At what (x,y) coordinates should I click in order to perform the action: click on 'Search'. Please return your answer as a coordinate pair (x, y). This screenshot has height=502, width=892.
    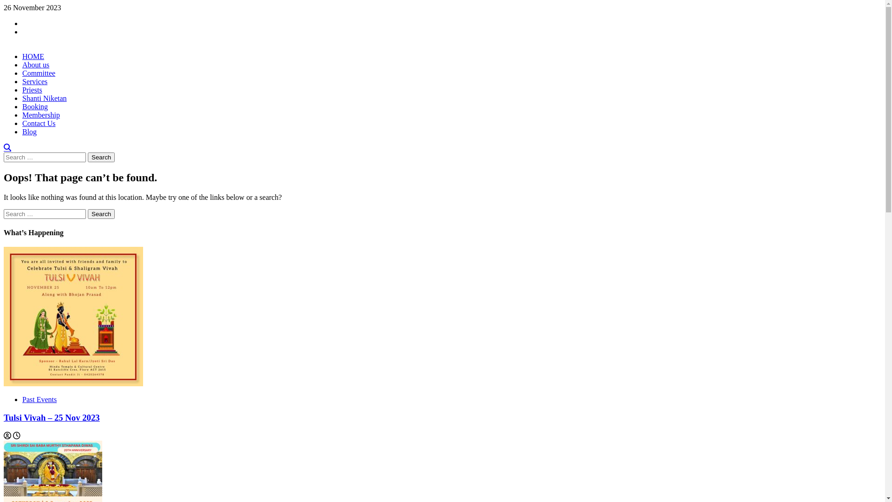
    Looking at the image, I should click on (7, 147).